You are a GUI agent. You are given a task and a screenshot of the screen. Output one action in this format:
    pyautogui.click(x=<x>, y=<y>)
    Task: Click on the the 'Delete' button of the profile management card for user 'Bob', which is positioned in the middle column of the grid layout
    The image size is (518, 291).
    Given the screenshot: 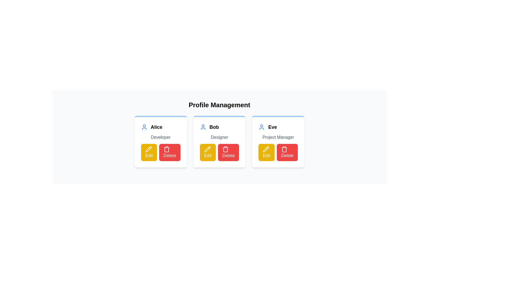 What is the action you would take?
    pyautogui.click(x=219, y=141)
    